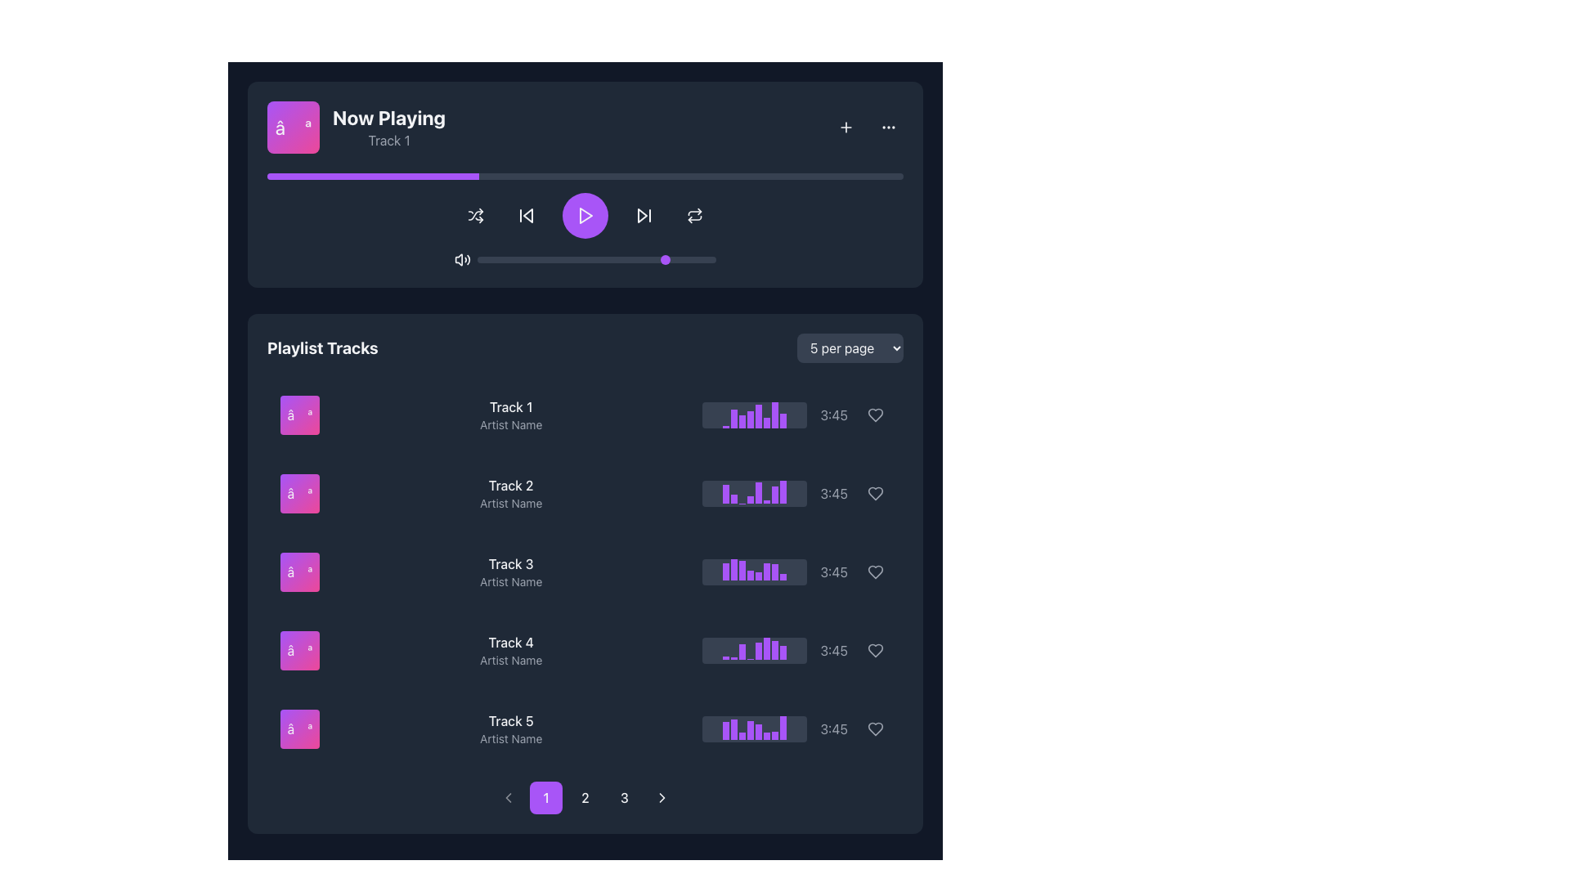 This screenshot has width=1570, height=883. Describe the element at coordinates (519, 258) in the screenshot. I see `the slider` at that location.